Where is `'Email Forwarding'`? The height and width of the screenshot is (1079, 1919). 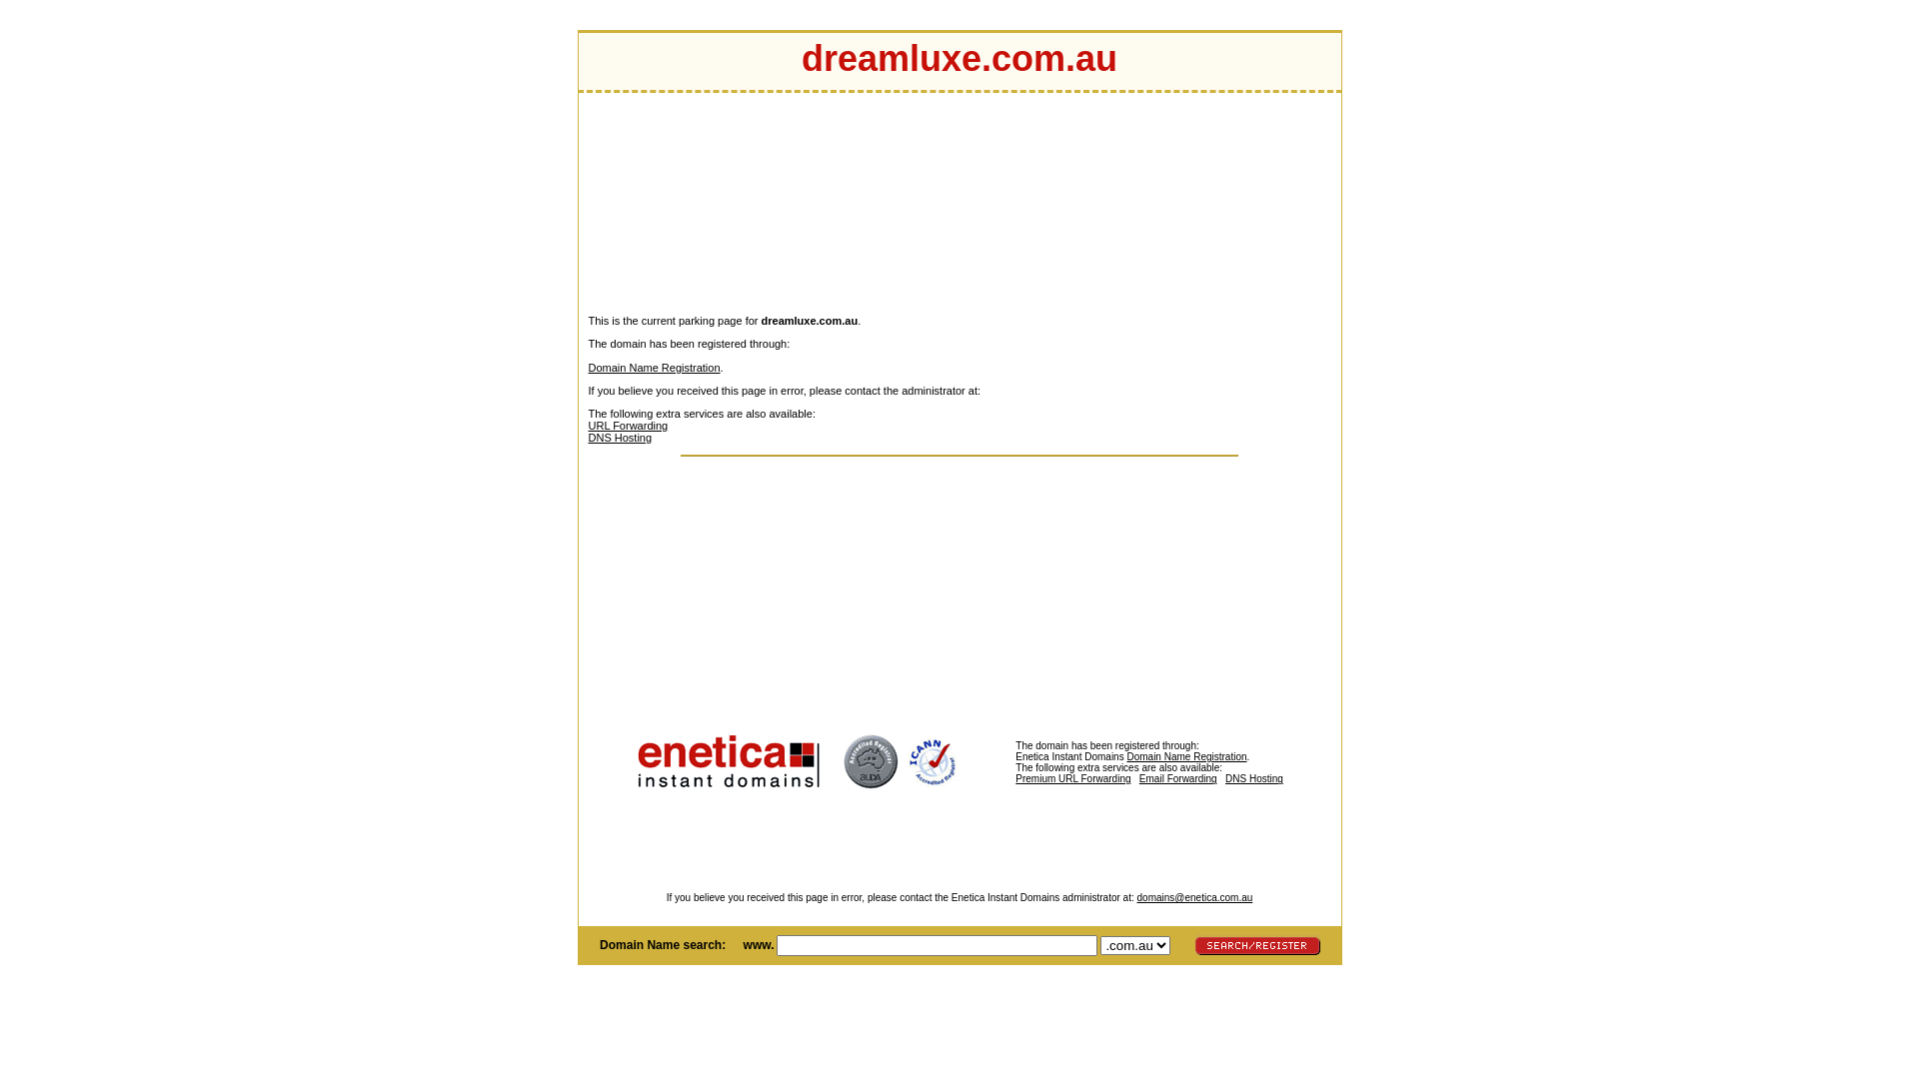 'Email Forwarding' is located at coordinates (1139, 777).